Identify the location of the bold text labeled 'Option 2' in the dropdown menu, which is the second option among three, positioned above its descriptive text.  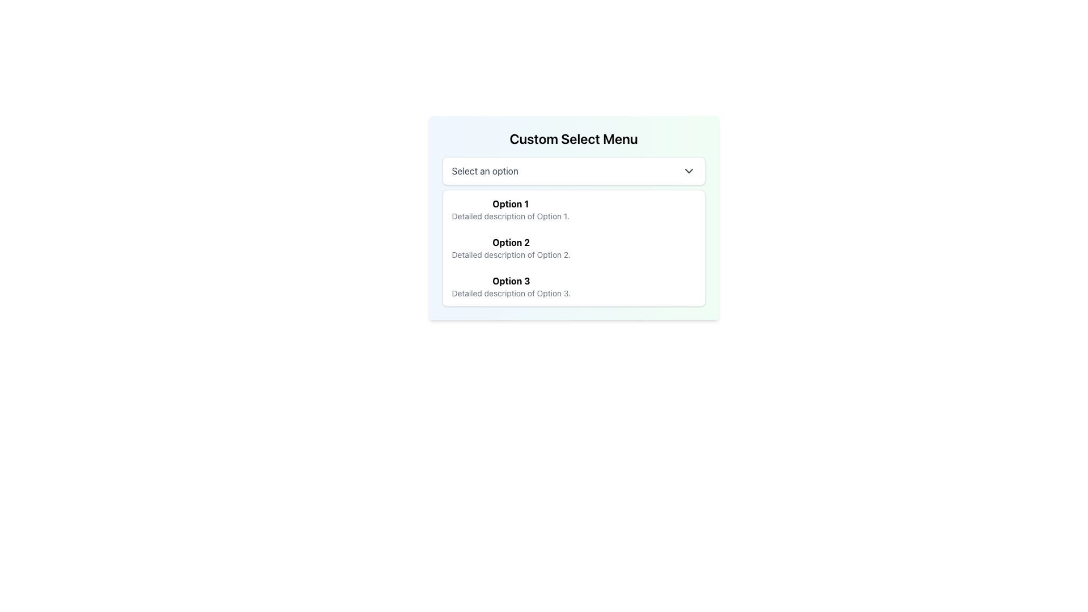
(511, 242).